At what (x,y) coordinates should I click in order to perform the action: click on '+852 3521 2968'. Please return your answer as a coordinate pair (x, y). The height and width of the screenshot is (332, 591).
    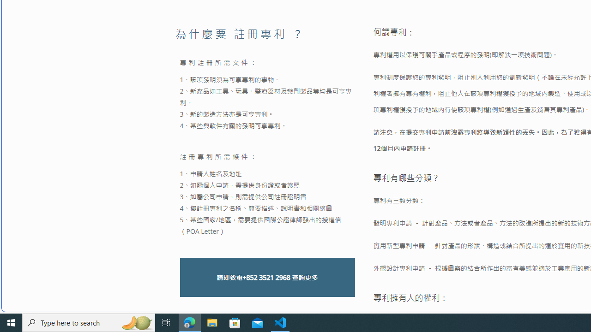
    Looking at the image, I should click on (265, 277).